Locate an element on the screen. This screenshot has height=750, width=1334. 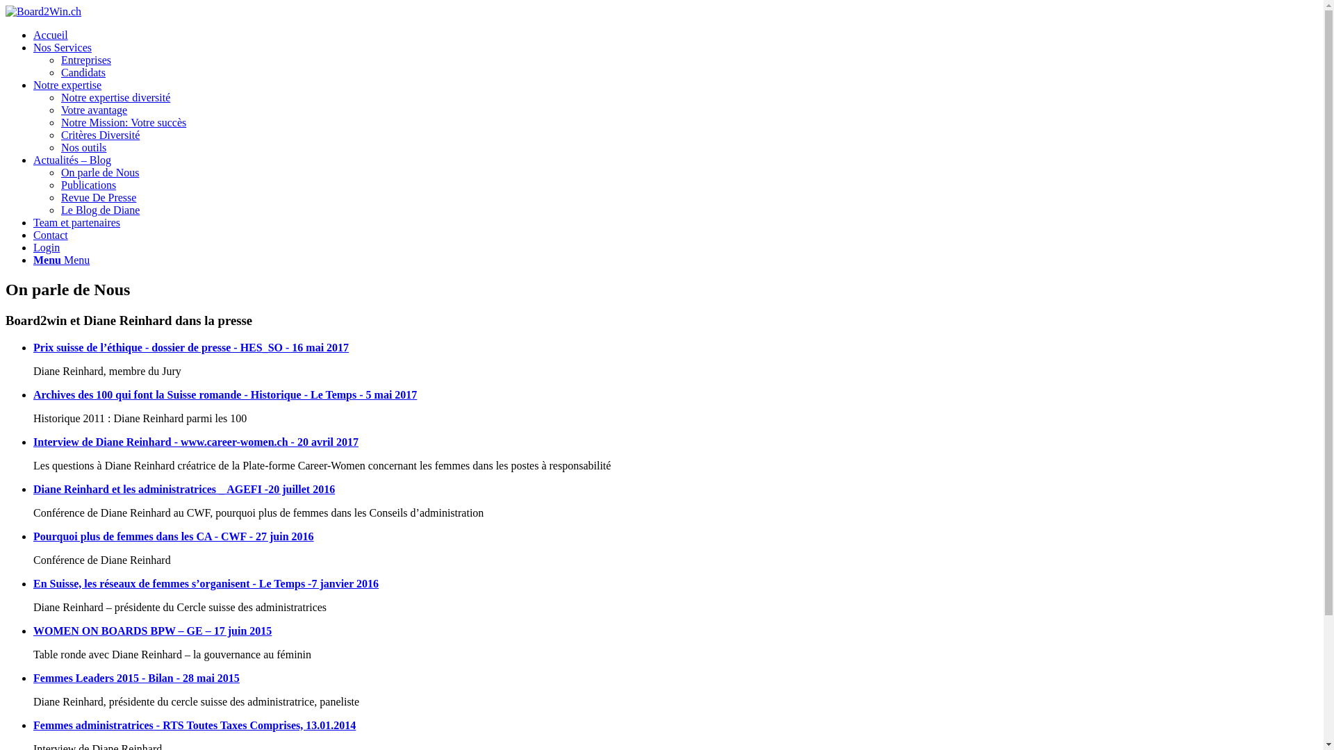
'Team et partenaires' is located at coordinates (76, 222).